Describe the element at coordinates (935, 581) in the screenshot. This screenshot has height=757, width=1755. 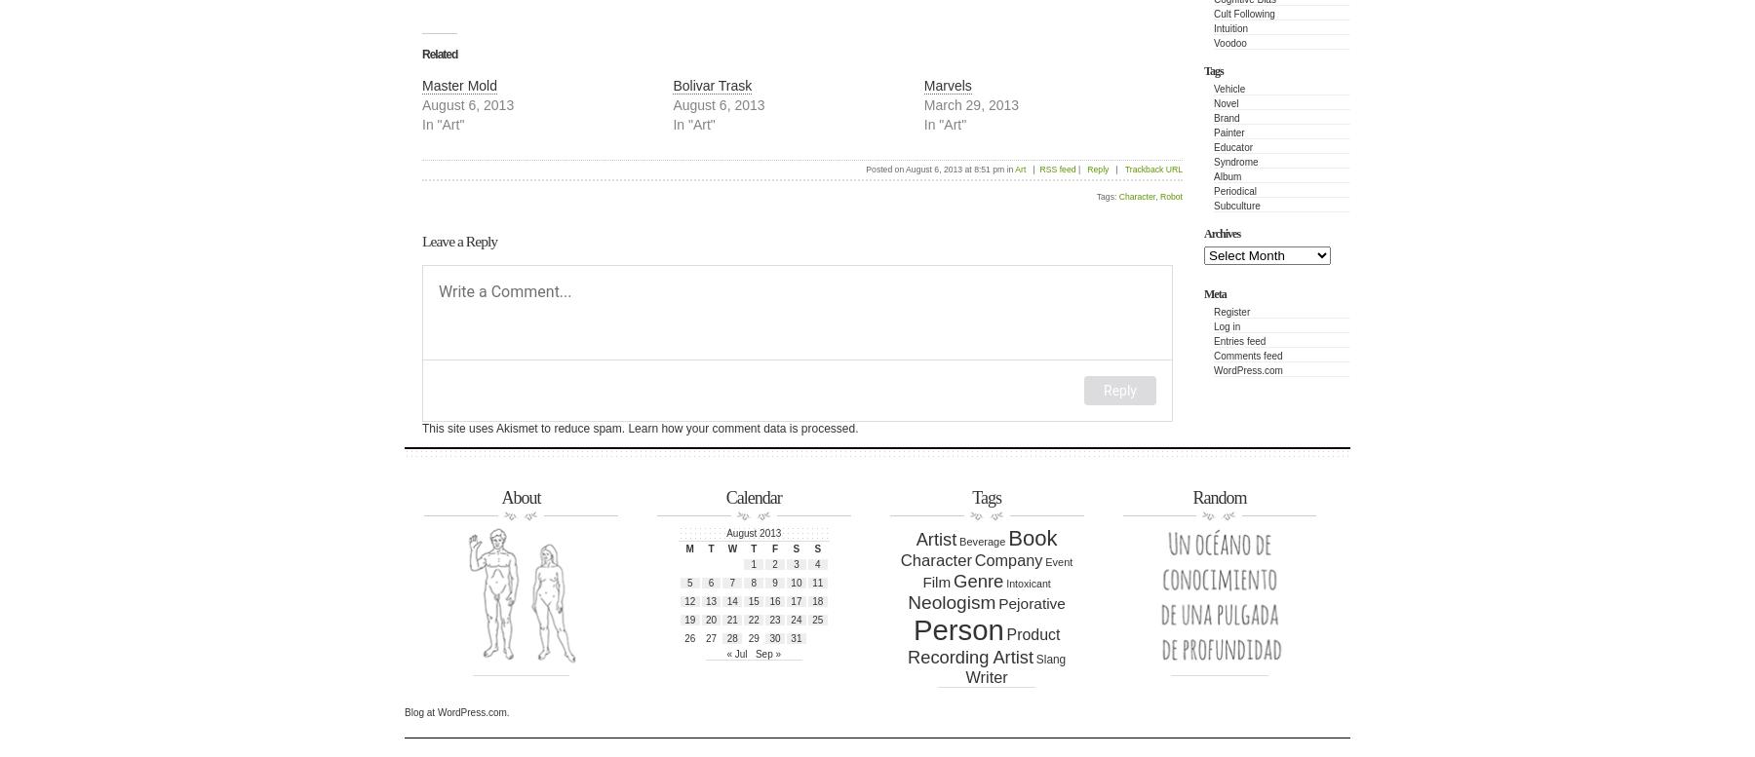
I see `'Film'` at that location.